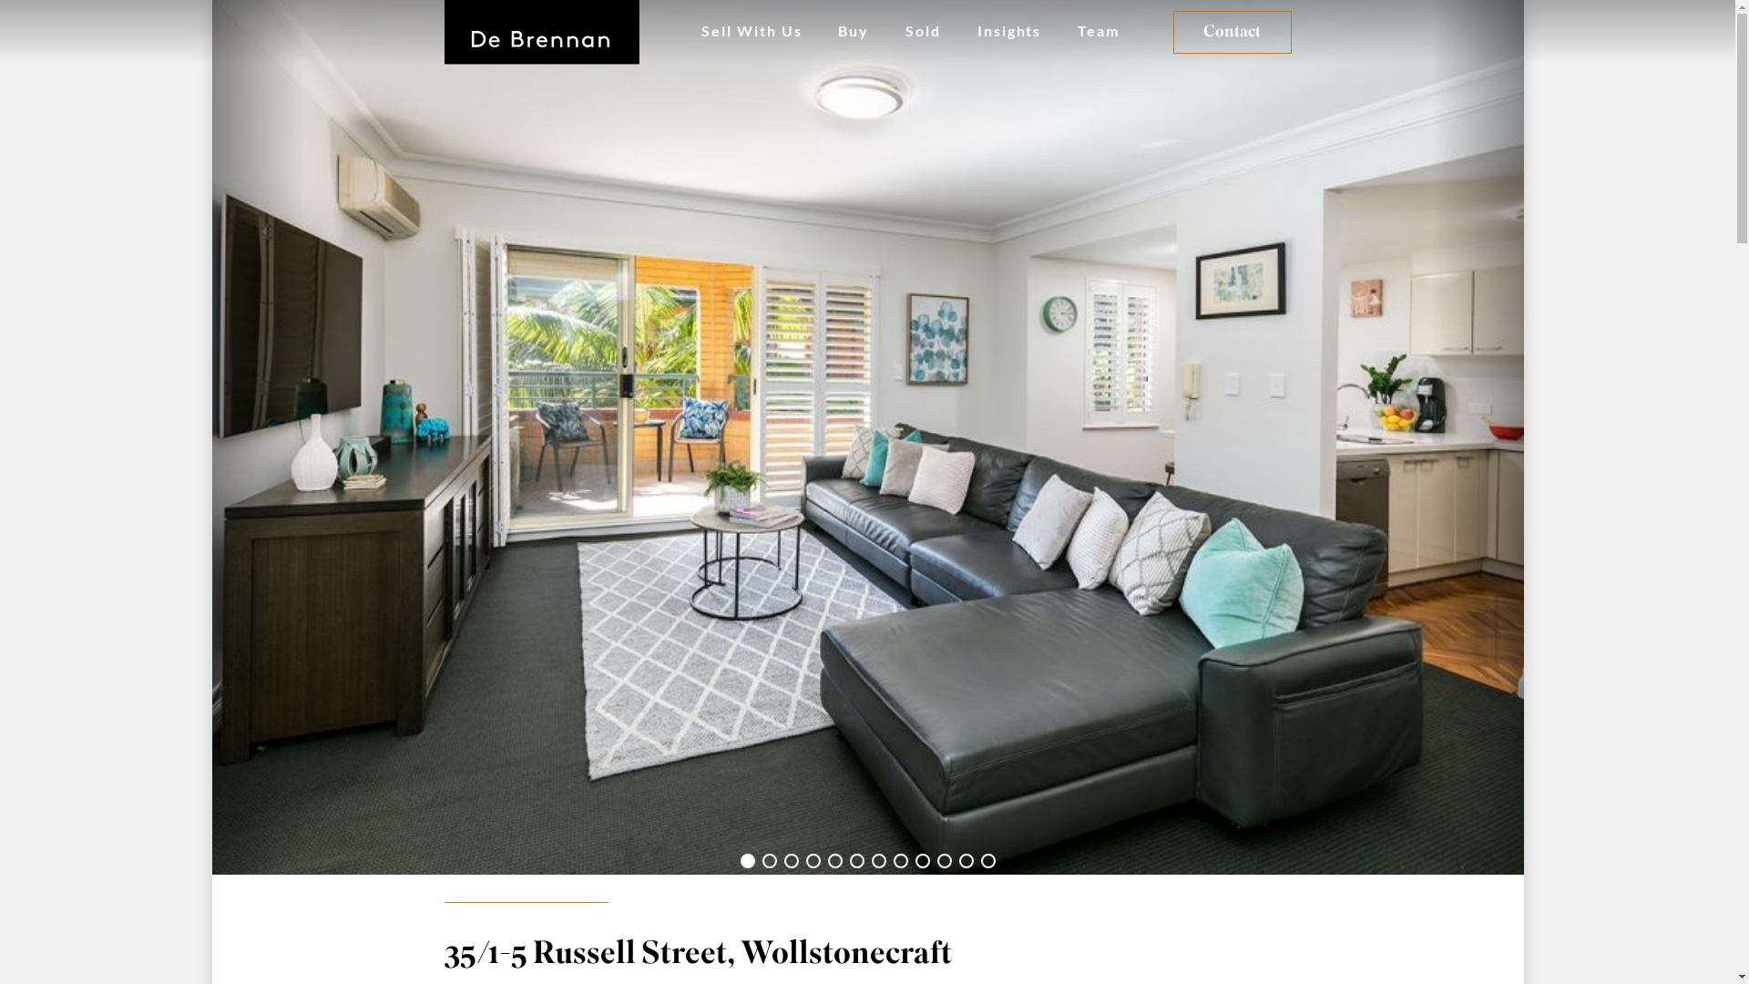 The width and height of the screenshot is (1749, 984). What do you see at coordinates (855, 861) in the screenshot?
I see `'6'` at bounding box center [855, 861].